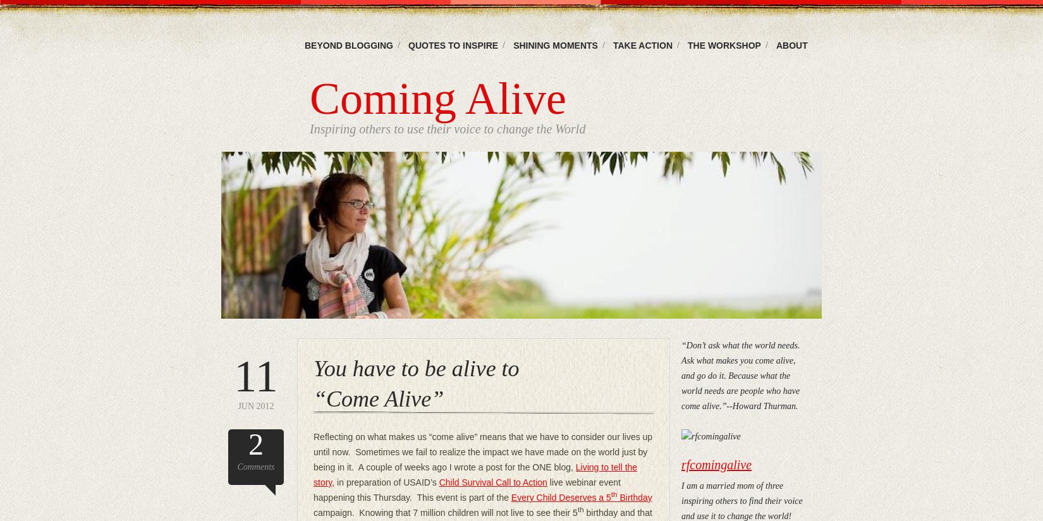 The height and width of the screenshot is (521, 1043). What do you see at coordinates (492, 482) in the screenshot?
I see `'Child Survival Call to Action'` at bounding box center [492, 482].